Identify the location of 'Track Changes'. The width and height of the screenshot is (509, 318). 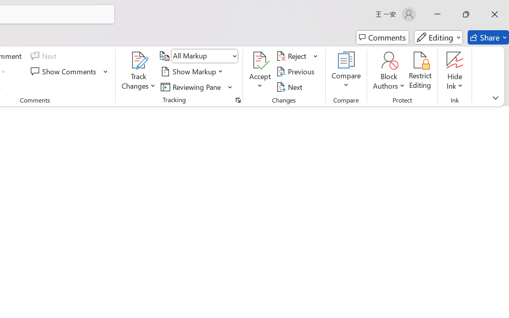
(139, 60).